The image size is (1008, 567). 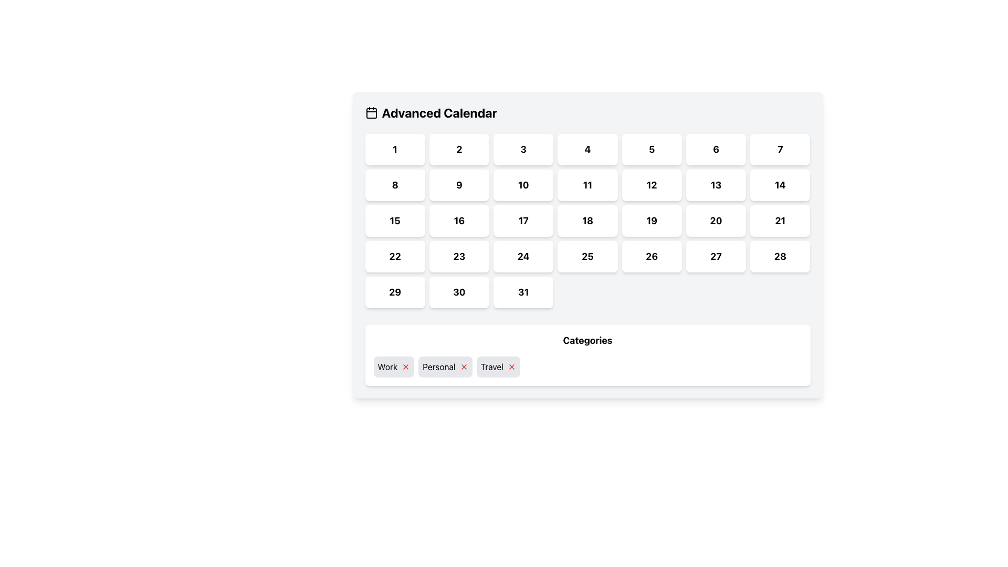 I want to click on the button displaying the number '18' in bold typography, which is located in the third row and fourth column of the grid layout, so click(x=587, y=220).